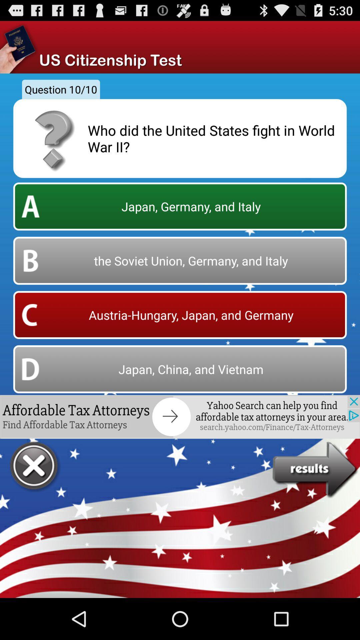 This screenshot has width=360, height=640. Describe the element at coordinates (316, 470) in the screenshot. I see `results link` at that location.